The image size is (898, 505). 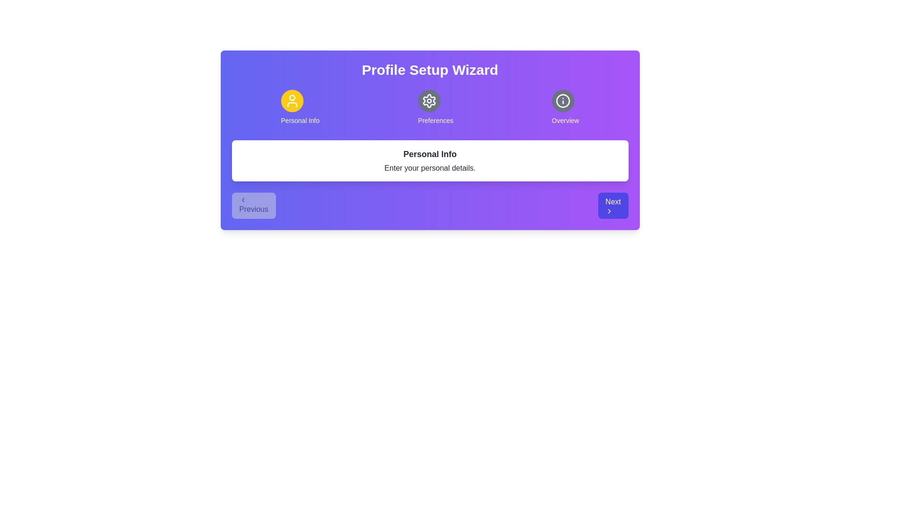 What do you see at coordinates (300, 107) in the screenshot?
I see `the step indicator for Personal Info to view its content` at bounding box center [300, 107].